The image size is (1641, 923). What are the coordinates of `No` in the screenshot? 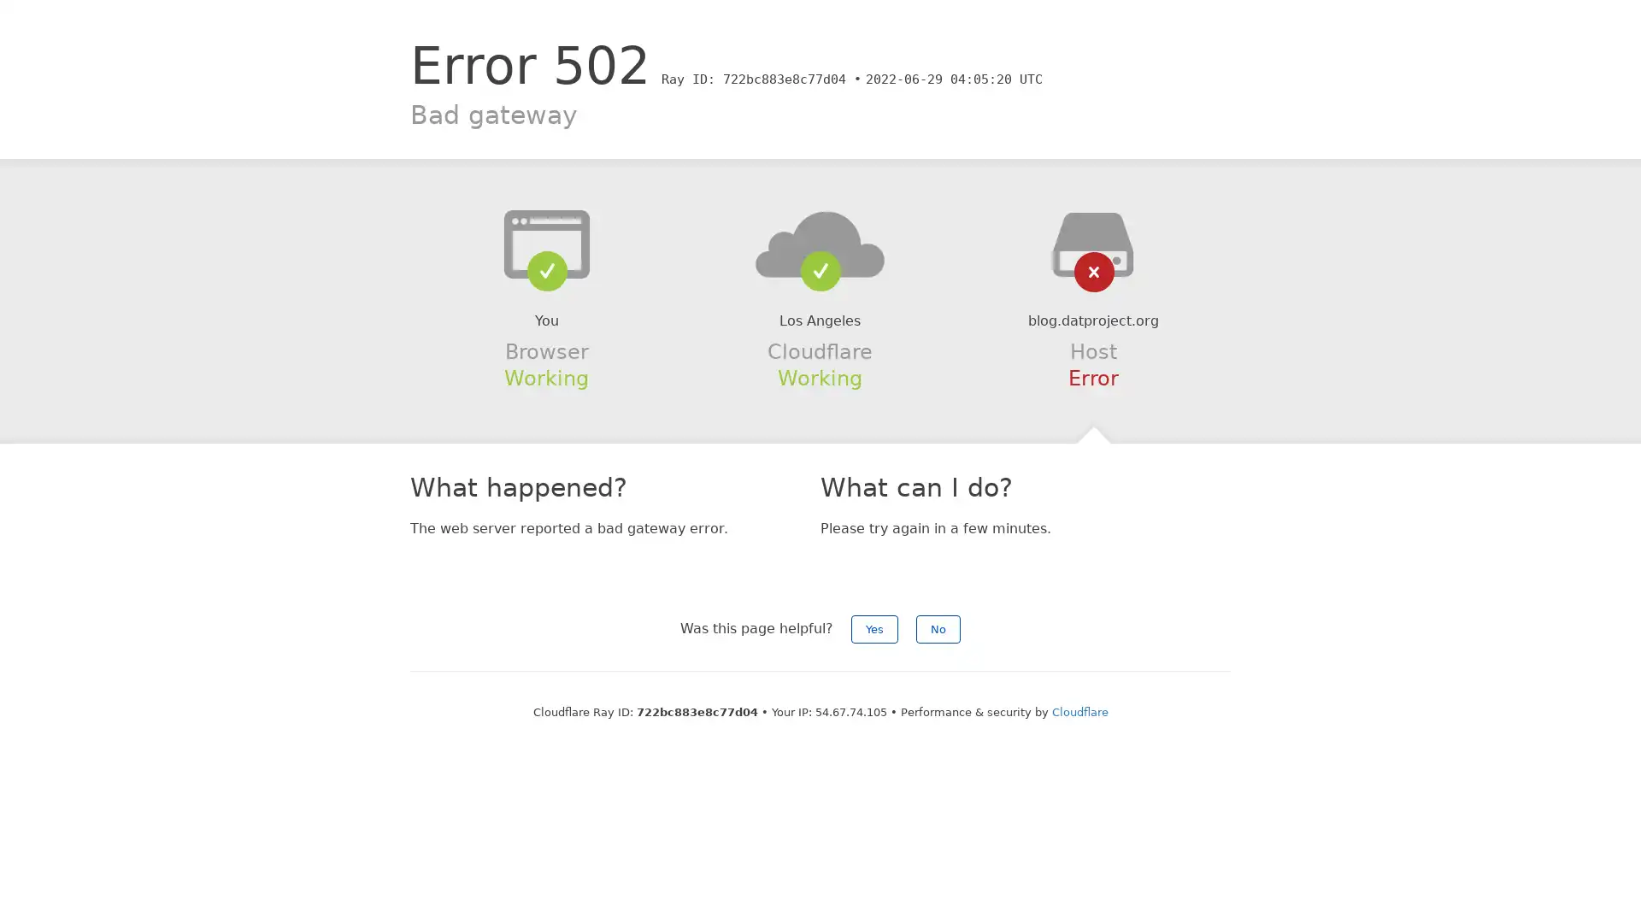 It's located at (938, 629).